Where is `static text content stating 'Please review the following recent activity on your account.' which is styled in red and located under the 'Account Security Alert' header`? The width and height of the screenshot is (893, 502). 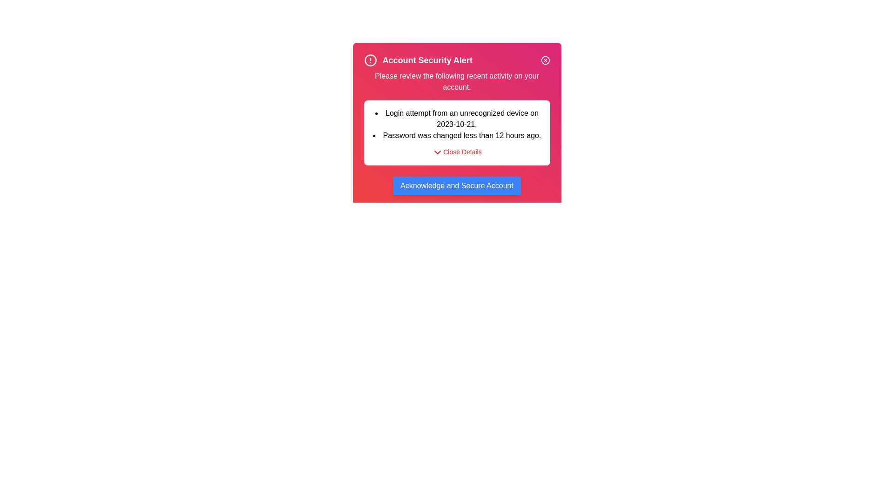
static text content stating 'Please review the following recent activity on your account.' which is styled in red and located under the 'Account Security Alert' header is located at coordinates (457, 81).